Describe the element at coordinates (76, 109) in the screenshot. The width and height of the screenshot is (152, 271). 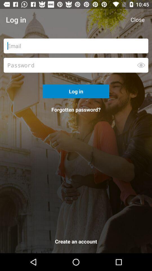
I see `the icon below log in` at that location.